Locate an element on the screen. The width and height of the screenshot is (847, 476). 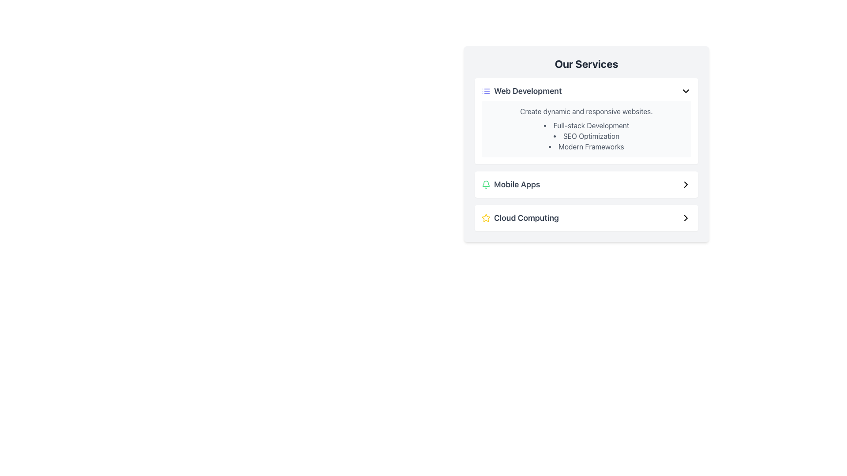
the second list item in the 'Our Services' card, which is related to 'Mobile Apps' is located at coordinates (586, 184).